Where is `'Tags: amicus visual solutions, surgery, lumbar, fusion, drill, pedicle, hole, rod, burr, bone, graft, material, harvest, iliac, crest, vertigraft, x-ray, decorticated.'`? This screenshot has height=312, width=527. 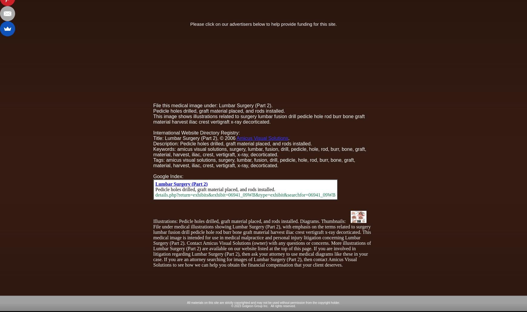 'Tags: amicus visual solutions, surgery, lumbar, fusion, drill, pedicle, hole, rod, burr, bone, graft, material, harvest, iliac, crest, vertigraft, x-ray, decorticated.' is located at coordinates (153, 162).